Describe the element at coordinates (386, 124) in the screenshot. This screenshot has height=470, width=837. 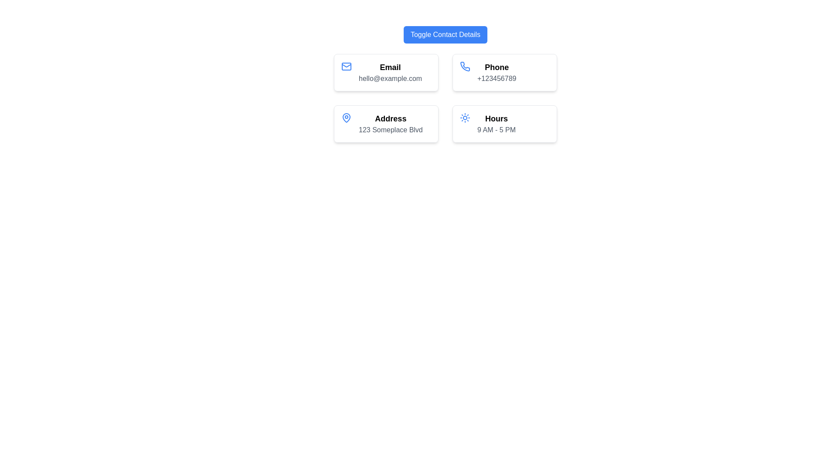
I see `the Informational card displaying the address '123 Someplace Blvd', located in the bottom-left quadrant of the grid layout, which is the third card after the 'Email' and 'Phone' cards` at that location.